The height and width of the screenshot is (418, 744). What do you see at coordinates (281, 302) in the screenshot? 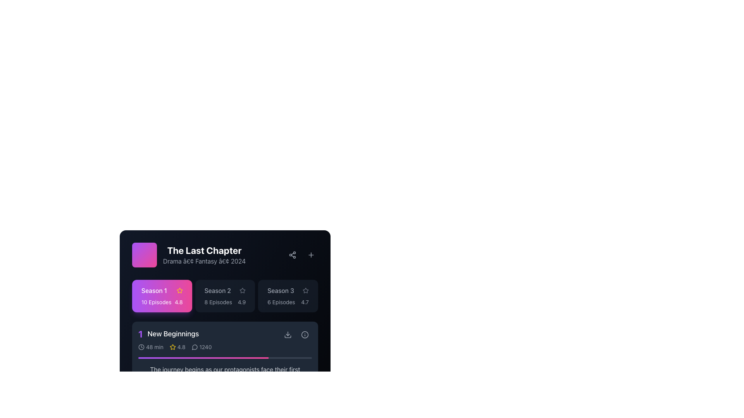
I see `the informative text label indicating the number of episodes available in 'Season 3', which is part of the season statistics below 'The Last Chapter'` at bounding box center [281, 302].